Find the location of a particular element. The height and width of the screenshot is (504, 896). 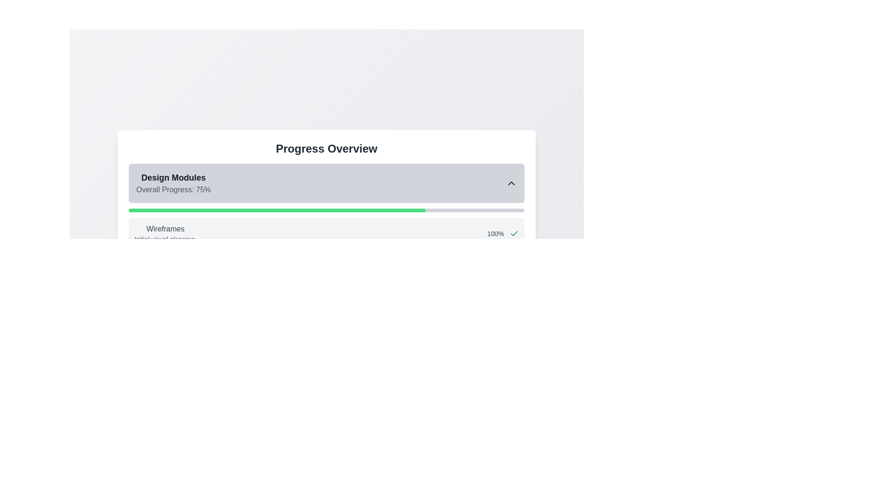

the Task progress indicator component, which displays the module 'Wireframes' and a green checkmark indicating completion is located at coordinates (327, 246).